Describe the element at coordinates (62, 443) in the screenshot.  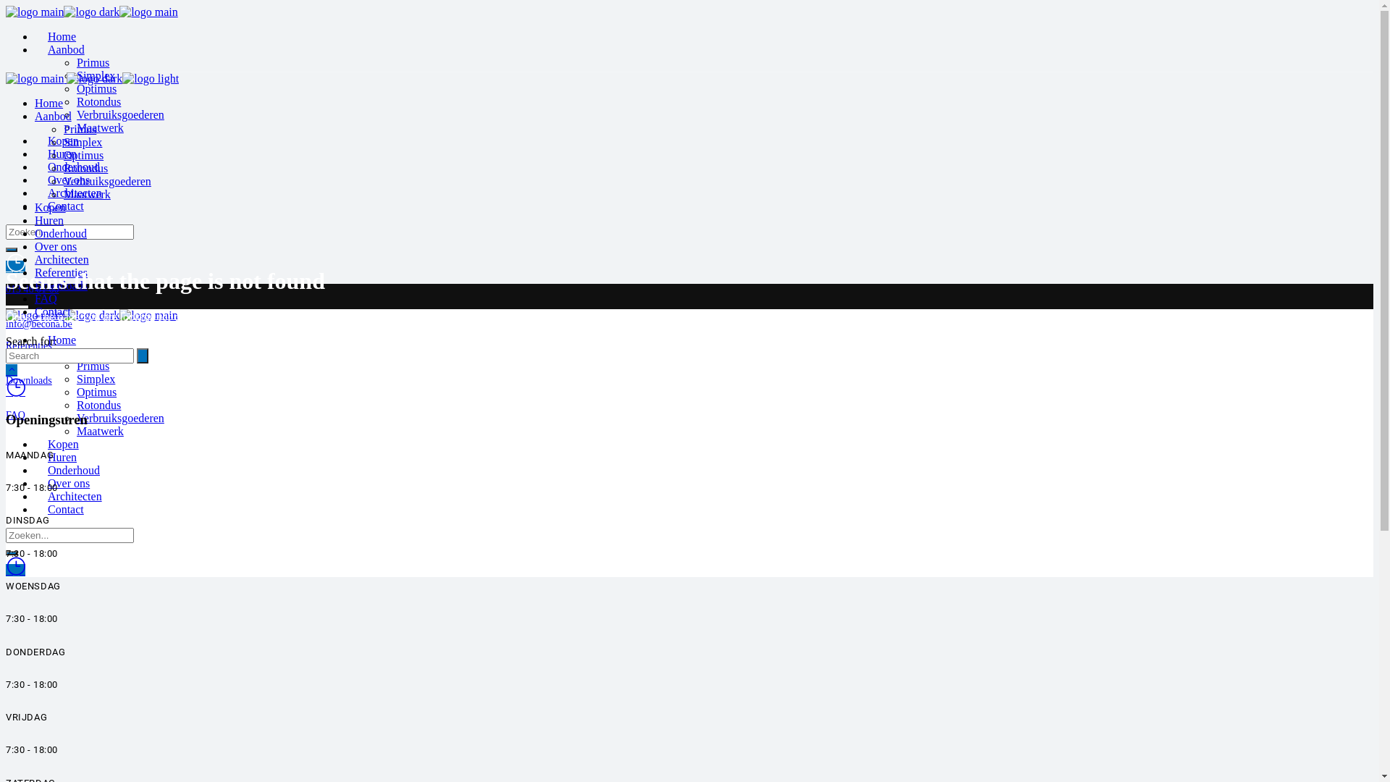
I see `'Kopen'` at that location.